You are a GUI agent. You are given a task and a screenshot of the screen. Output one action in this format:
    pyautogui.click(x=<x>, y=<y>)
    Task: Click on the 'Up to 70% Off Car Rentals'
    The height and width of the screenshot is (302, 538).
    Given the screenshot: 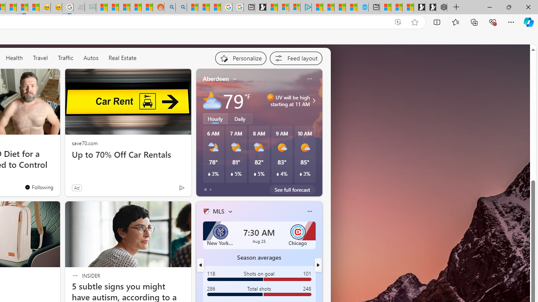 What is the action you would take?
    pyautogui.click(x=127, y=154)
    